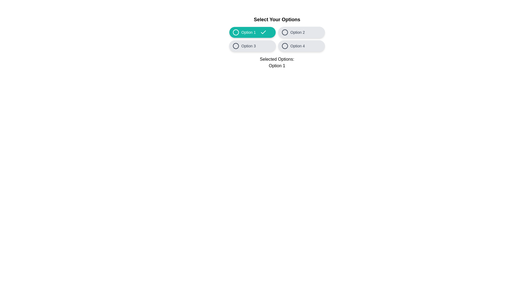 The image size is (523, 294). I want to click on the option Option 3 by clicking its button, so click(252, 46).